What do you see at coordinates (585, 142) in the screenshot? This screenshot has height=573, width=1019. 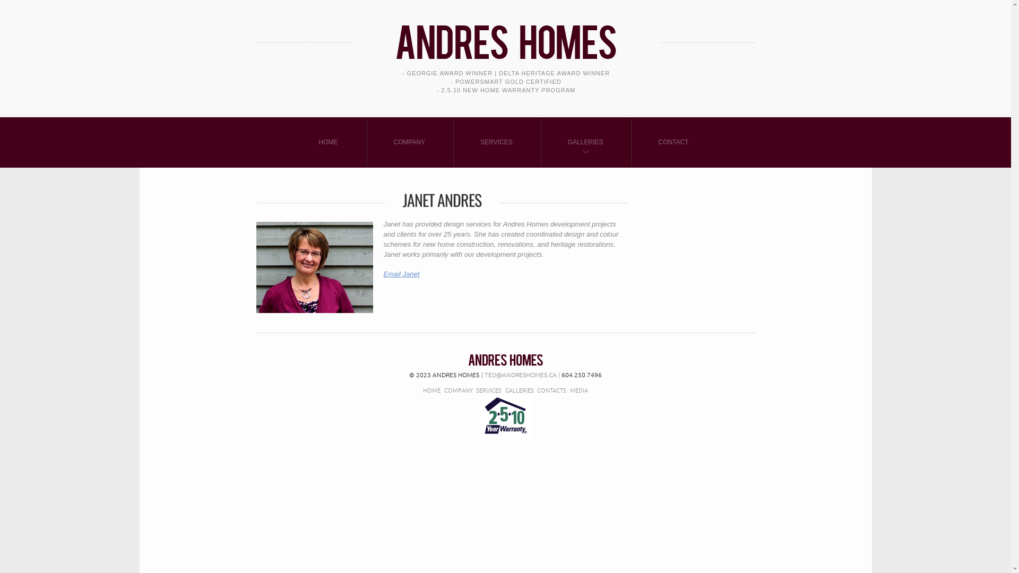 I see `'GALLERIES'` at bounding box center [585, 142].